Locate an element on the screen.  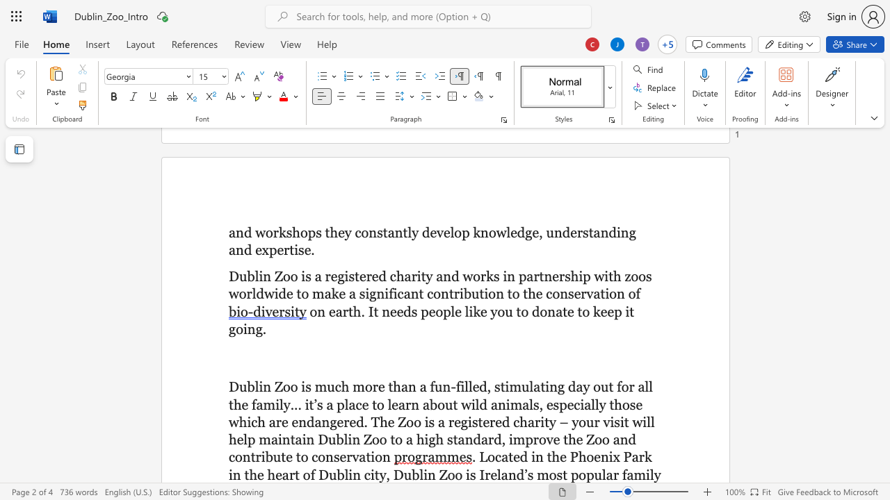
the space between the continuous character "a" and "r" in the text is located at coordinates (342, 310).